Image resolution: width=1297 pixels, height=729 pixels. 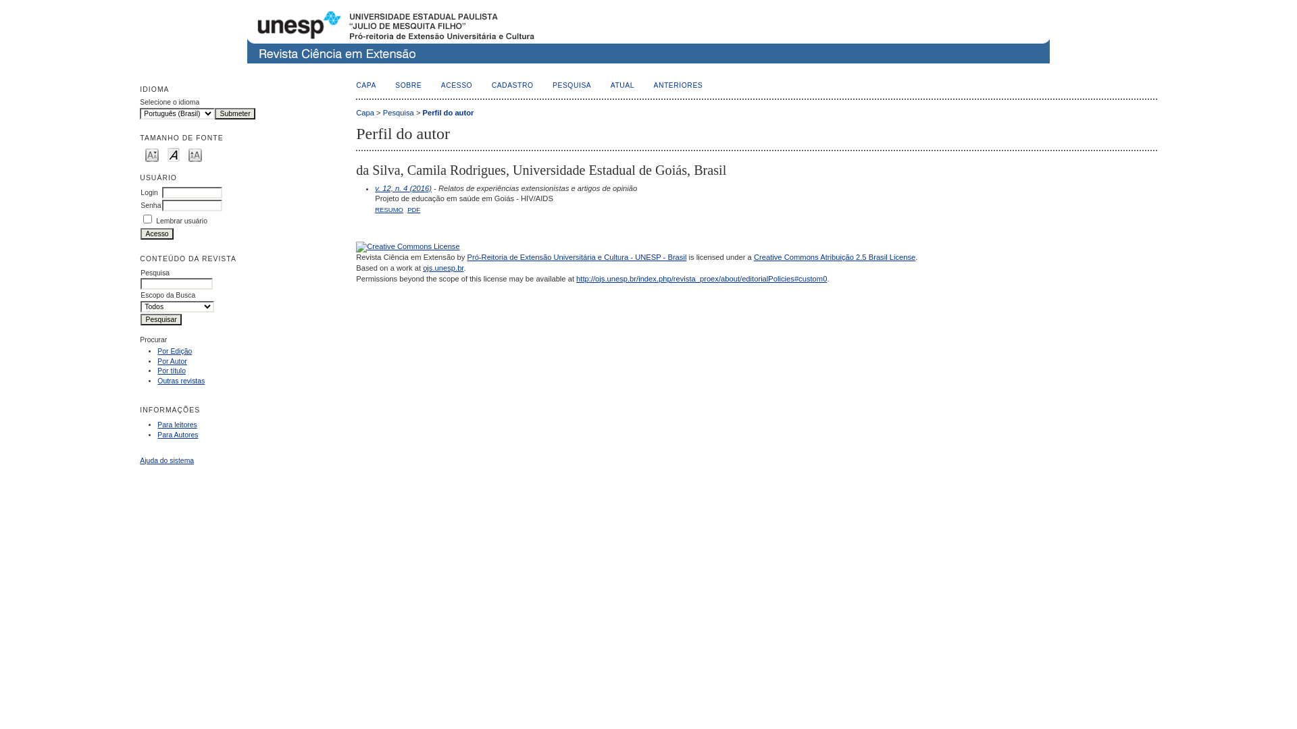 I want to click on 'Acesso', so click(x=140, y=233).